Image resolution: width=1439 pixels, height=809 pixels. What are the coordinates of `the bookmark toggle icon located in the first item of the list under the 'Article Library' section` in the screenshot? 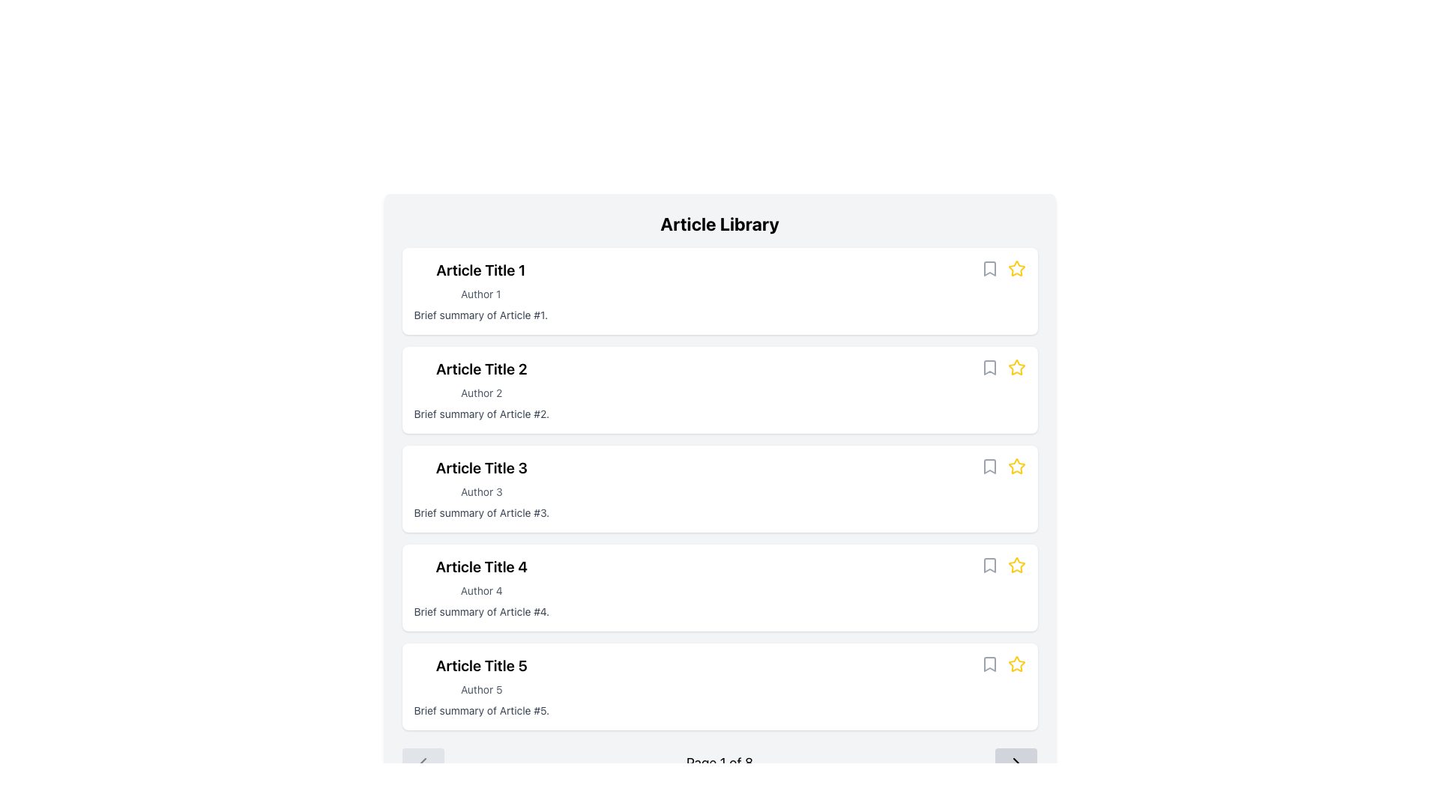 It's located at (989, 267).